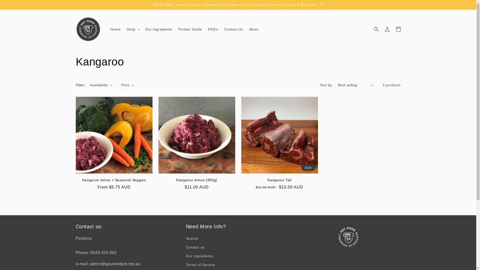 The height and width of the screenshot is (270, 480). What do you see at coordinates (115, 29) in the screenshot?
I see `'Home'` at bounding box center [115, 29].